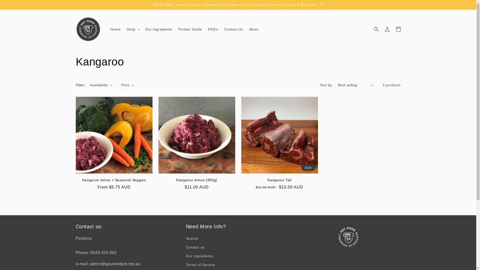 The height and width of the screenshot is (270, 480). What do you see at coordinates (115, 29) in the screenshot?
I see `'Home'` at bounding box center [115, 29].